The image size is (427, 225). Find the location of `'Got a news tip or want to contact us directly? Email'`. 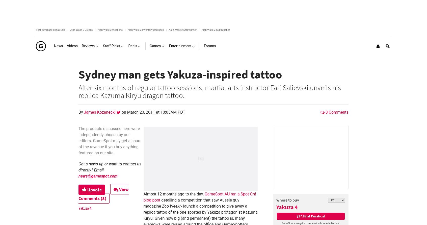

'Got a news tip or want to contact us directly? Email' is located at coordinates (110, 167).